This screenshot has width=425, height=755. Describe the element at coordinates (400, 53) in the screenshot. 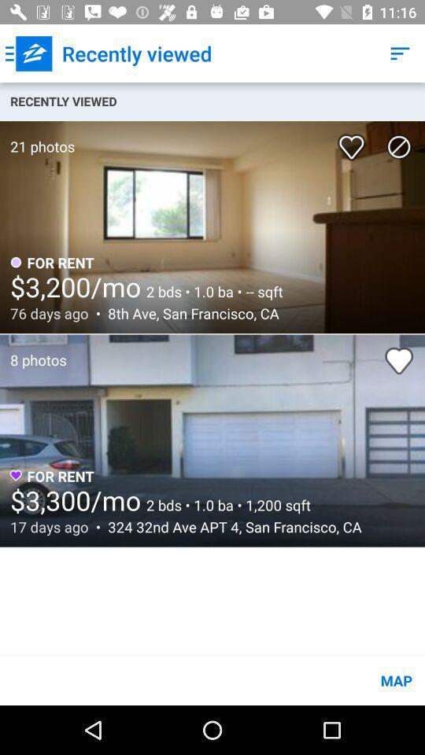

I see `the top right side button` at that location.